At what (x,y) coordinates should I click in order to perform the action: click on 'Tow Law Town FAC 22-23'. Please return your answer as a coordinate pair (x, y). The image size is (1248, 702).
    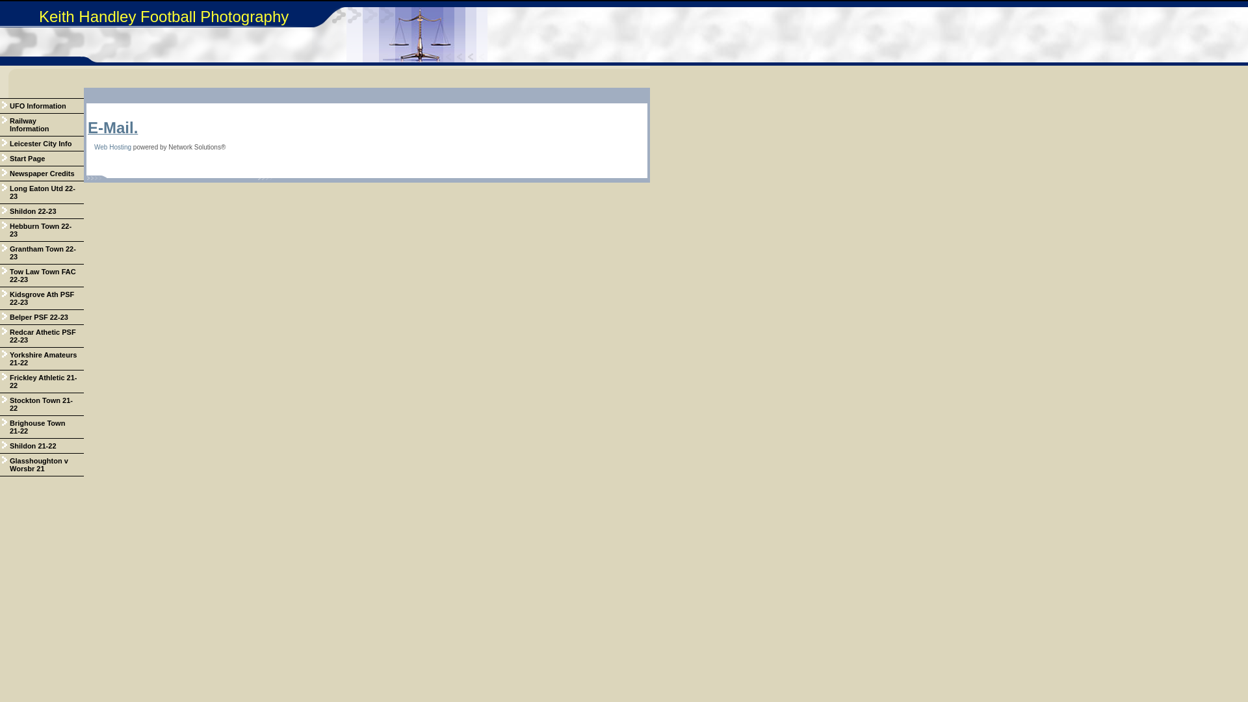
    Looking at the image, I should click on (42, 275).